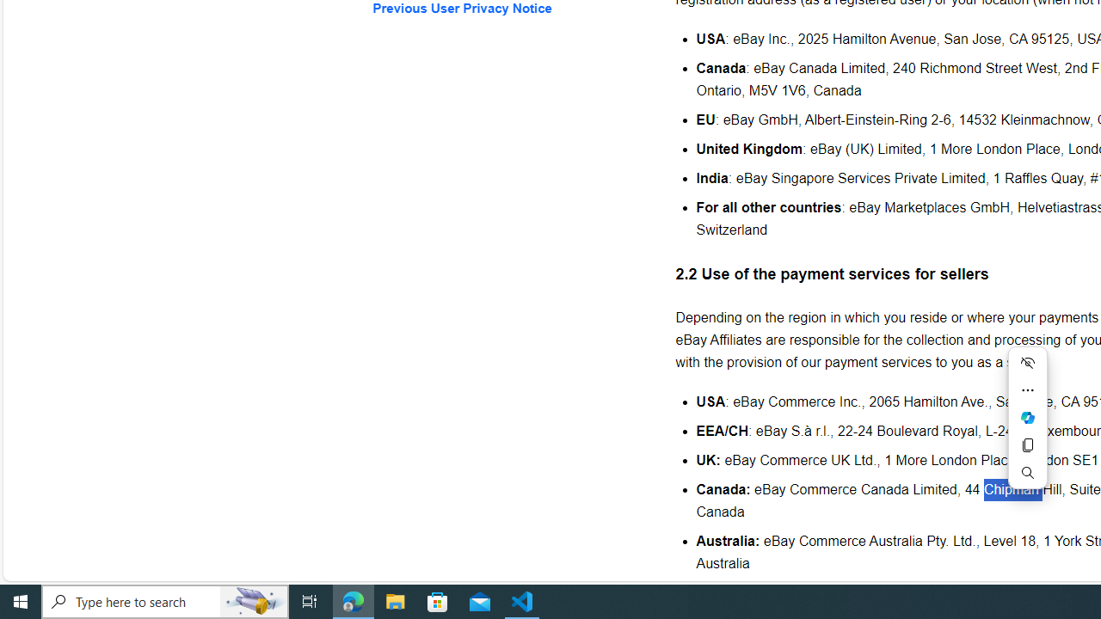 The width and height of the screenshot is (1101, 619). I want to click on 'Mini menu on text selection', so click(1027, 418).